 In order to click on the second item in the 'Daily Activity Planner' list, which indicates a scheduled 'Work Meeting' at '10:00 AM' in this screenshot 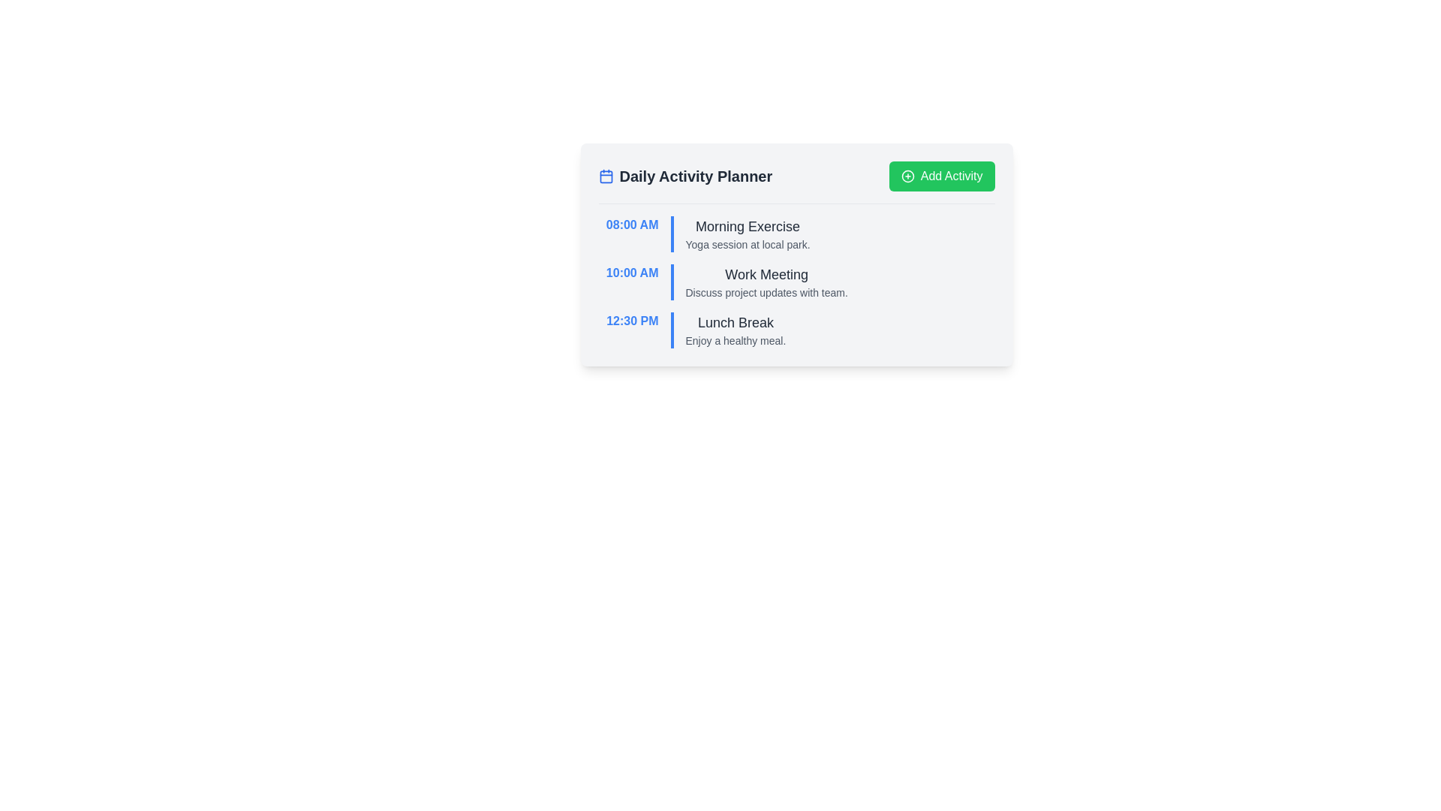, I will do `click(796, 282)`.